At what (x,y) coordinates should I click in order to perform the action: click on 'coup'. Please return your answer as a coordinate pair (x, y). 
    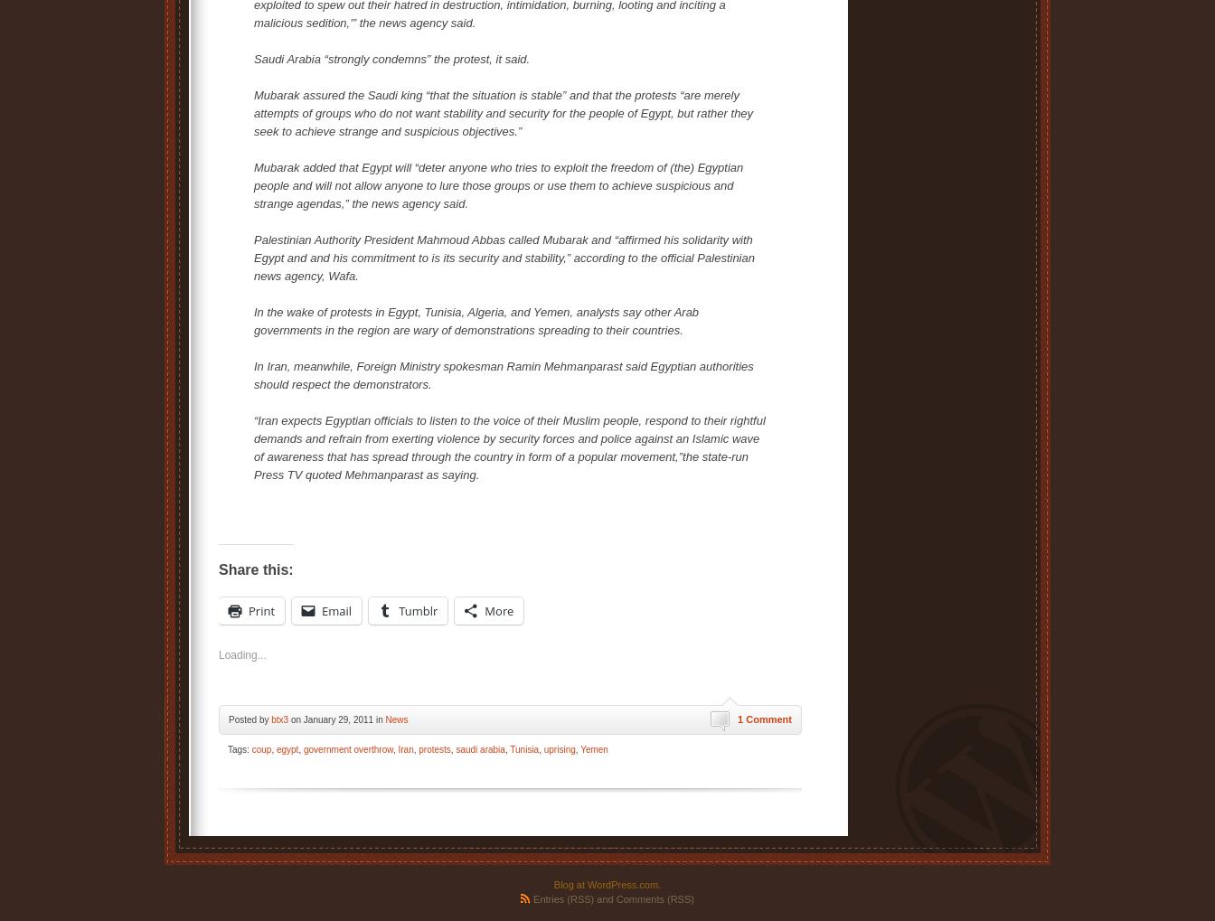
    Looking at the image, I should click on (260, 749).